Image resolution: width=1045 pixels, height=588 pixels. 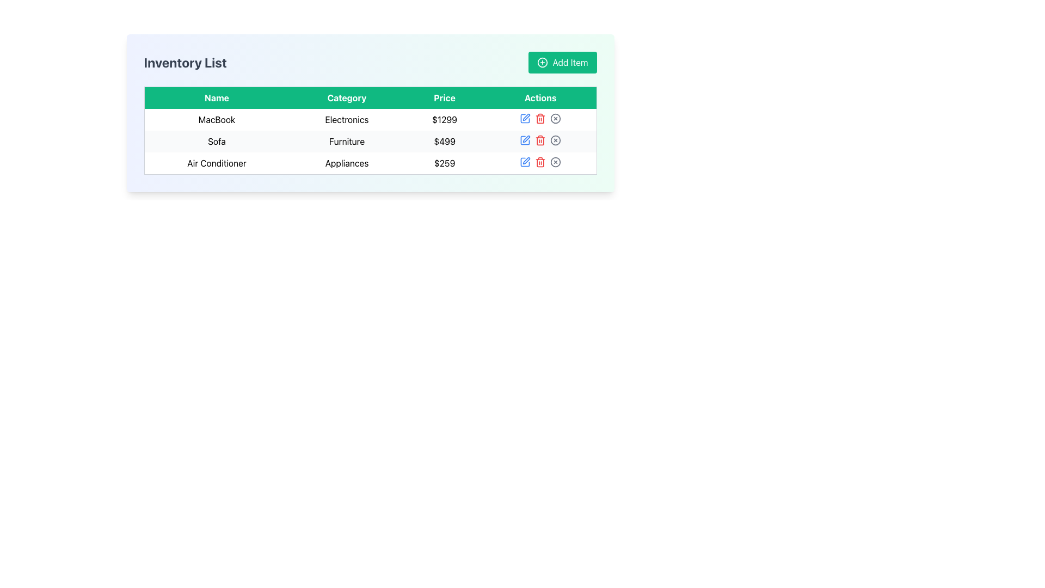 What do you see at coordinates (525, 162) in the screenshot?
I see `the edit icon representing the ability to modify the 'Appliances' row in the actions column of the table` at bounding box center [525, 162].